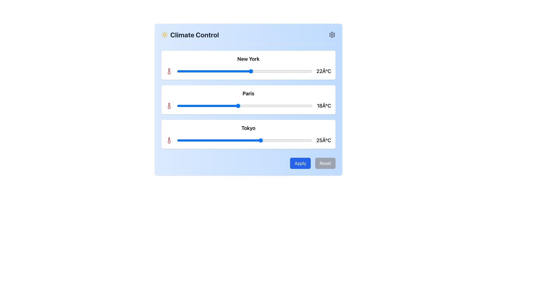 This screenshot has width=536, height=301. I want to click on the temperature data icon for 'Paris' located in the second row of the 'Climate Control' module, so click(169, 106).